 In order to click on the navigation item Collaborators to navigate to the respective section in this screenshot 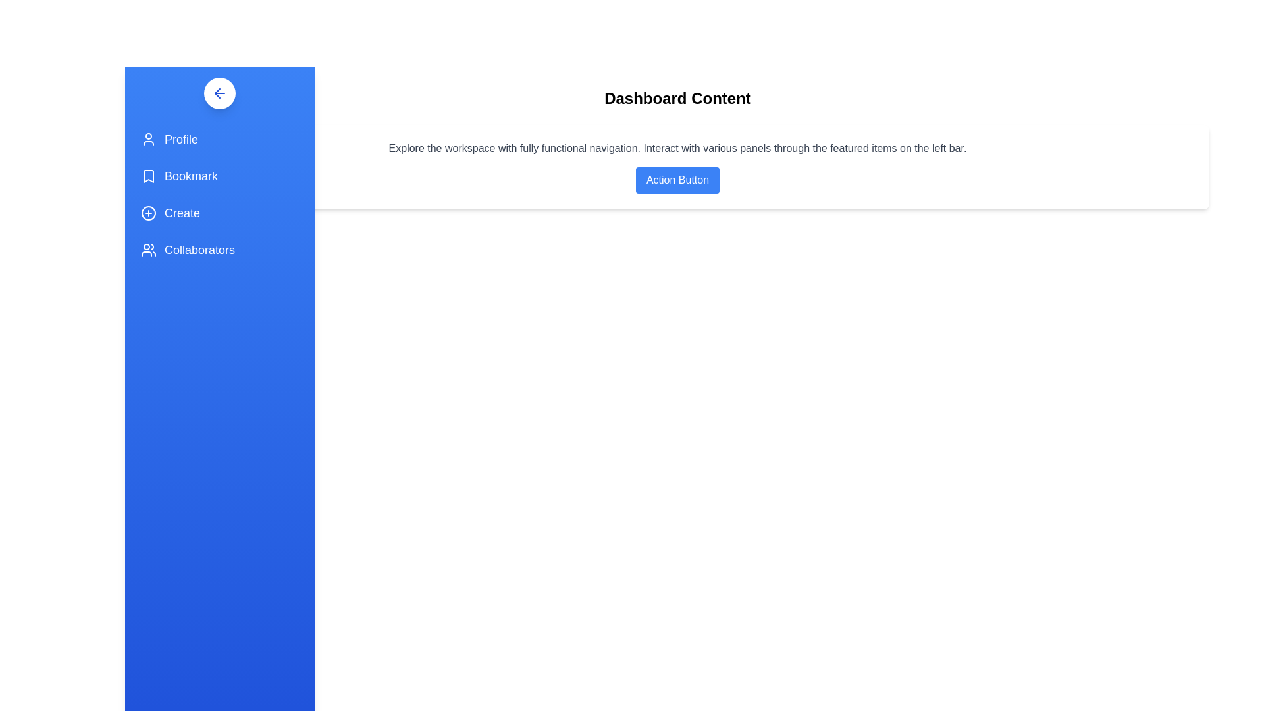, I will do `click(220, 250)`.